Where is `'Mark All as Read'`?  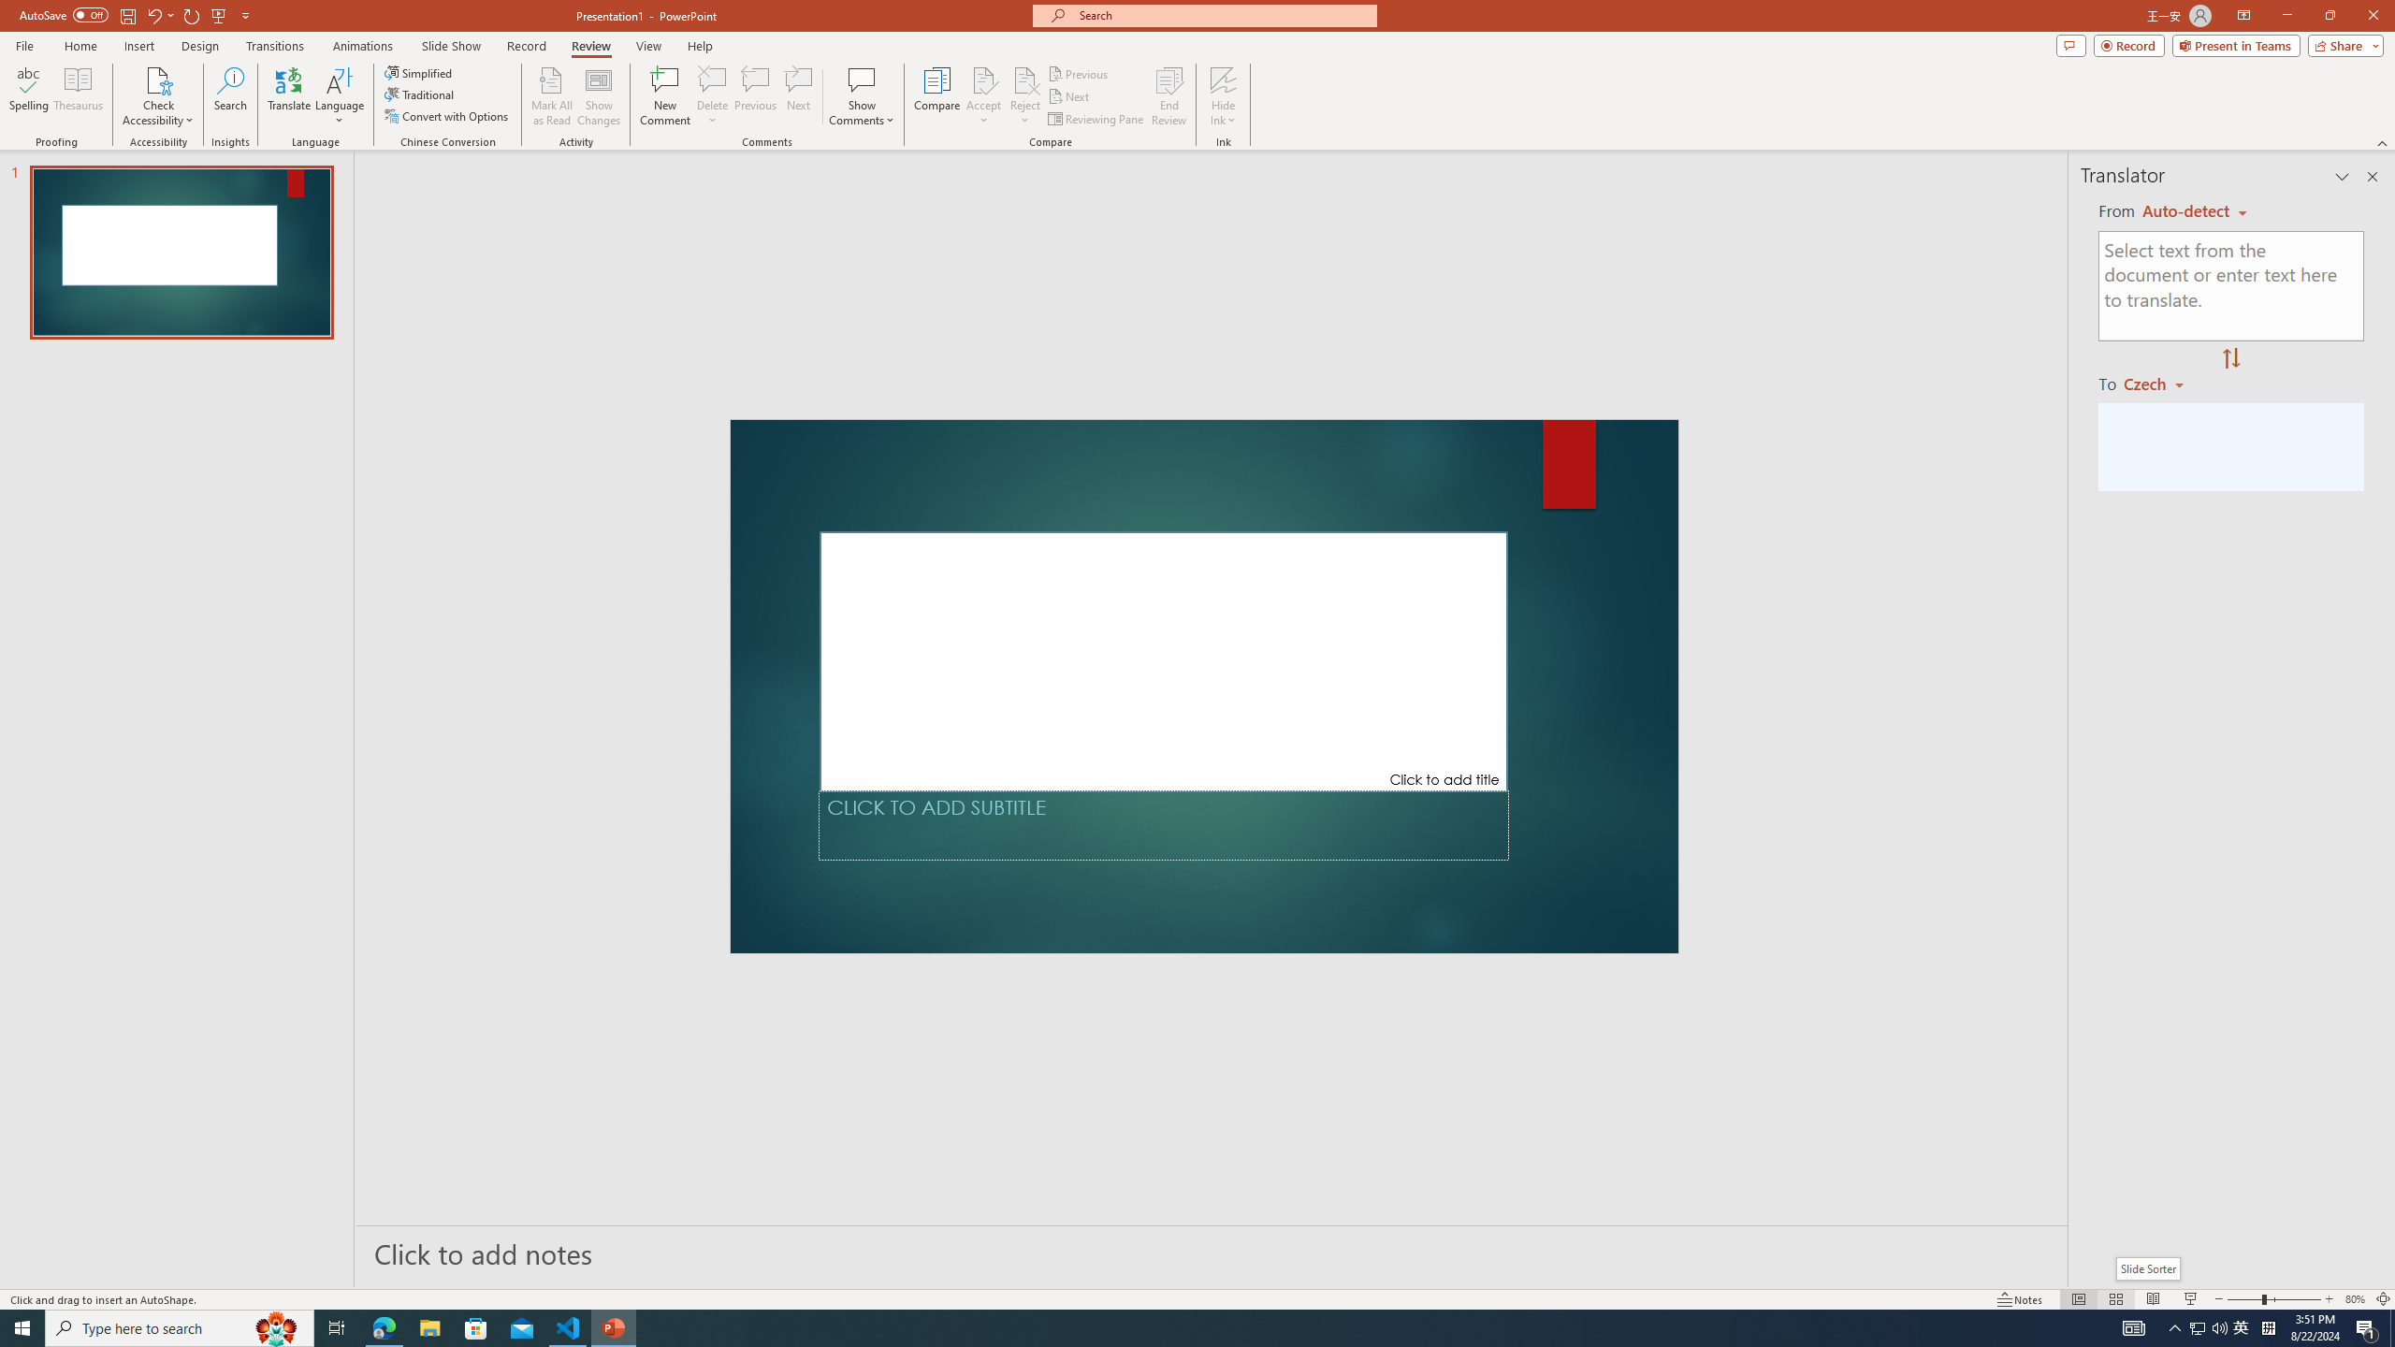 'Mark All as Read' is located at coordinates (552, 96).